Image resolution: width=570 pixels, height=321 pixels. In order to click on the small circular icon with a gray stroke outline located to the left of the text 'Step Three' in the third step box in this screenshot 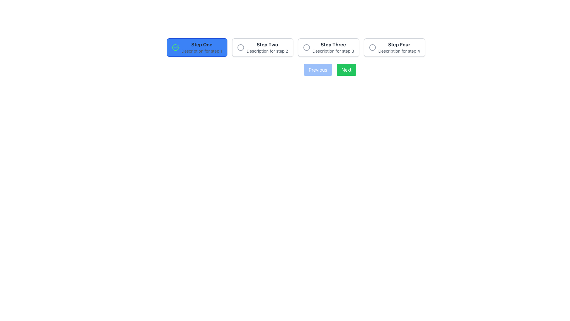, I will do `click(306, 47)`.